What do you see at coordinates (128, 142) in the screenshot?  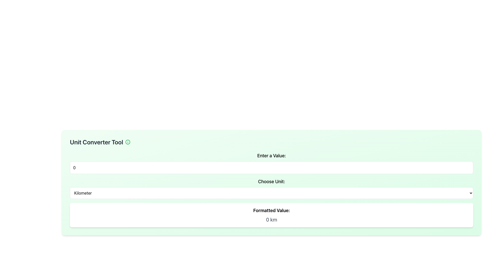 I see `the circular information icon with a green stroke, located to the right of the 'Unit Converter Tool' header text` at bounding box center [128, 142].